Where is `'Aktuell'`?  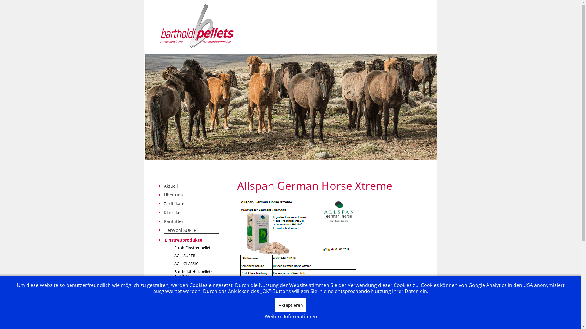
'Aktuell' is located at coordinates (190, 186).